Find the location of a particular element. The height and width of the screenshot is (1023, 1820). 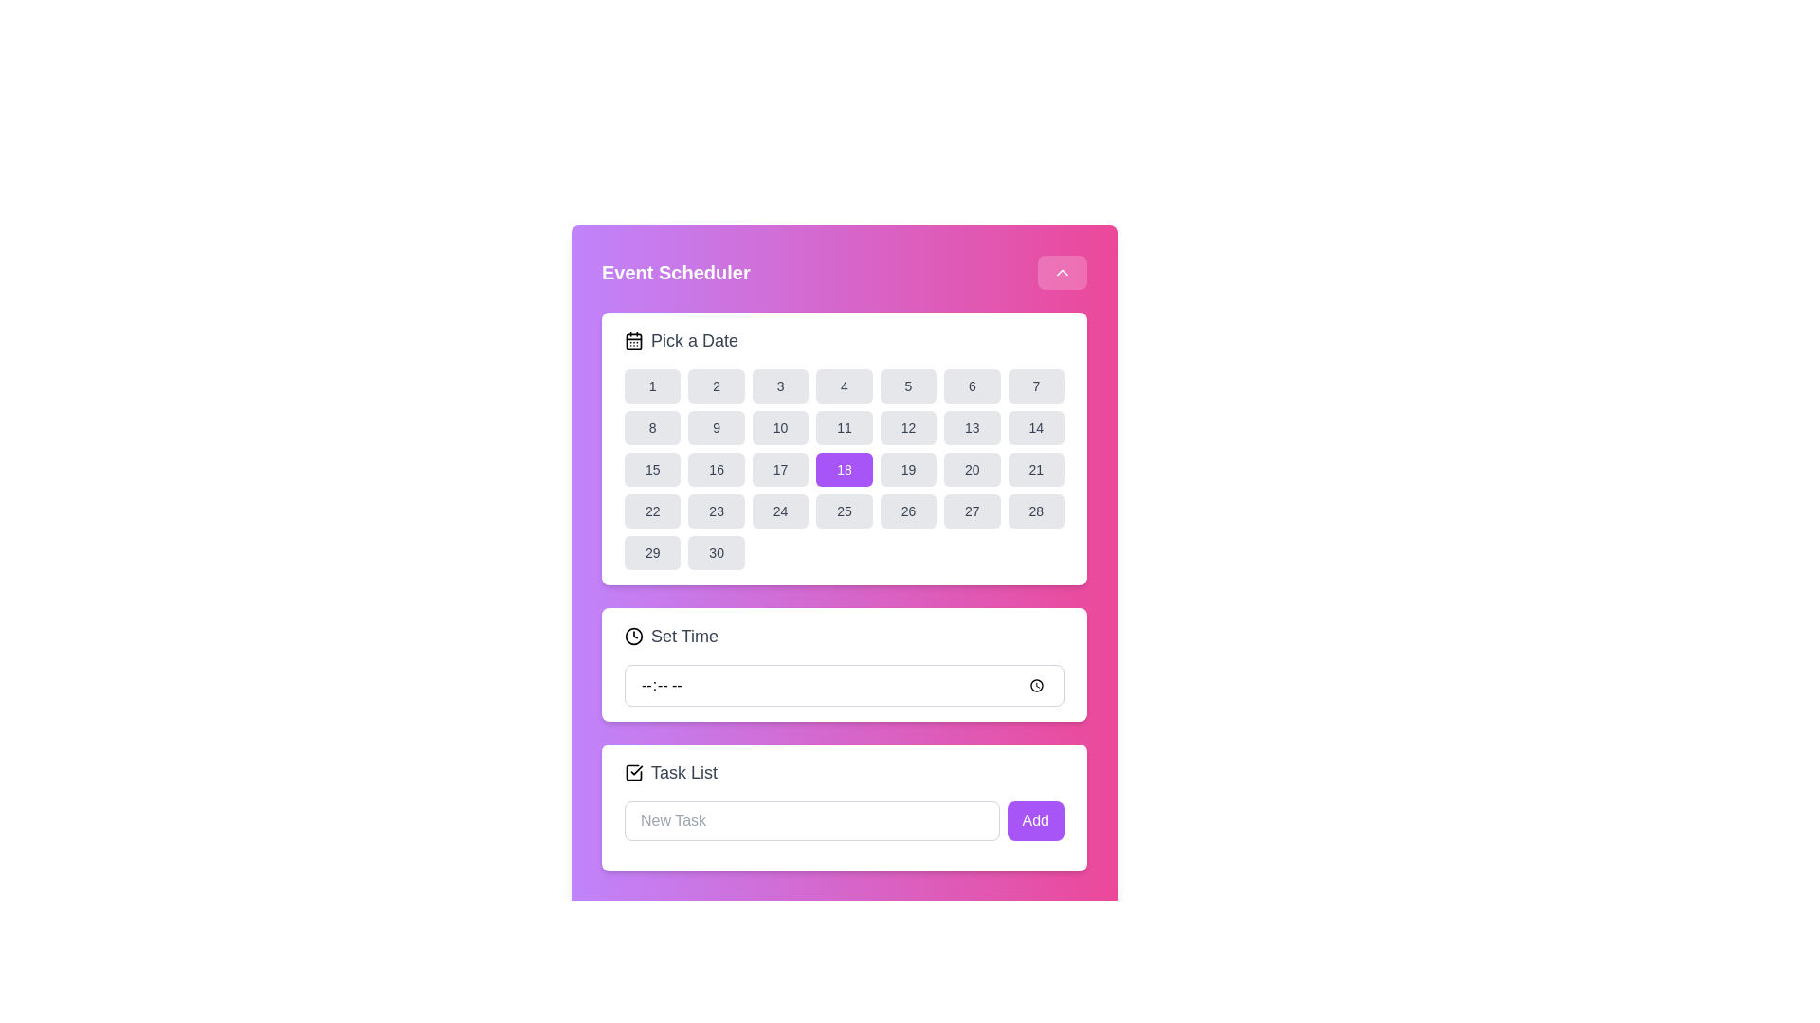

the rounded rectangular button labeled '16' in light gray is located at coordinates (716, 469).